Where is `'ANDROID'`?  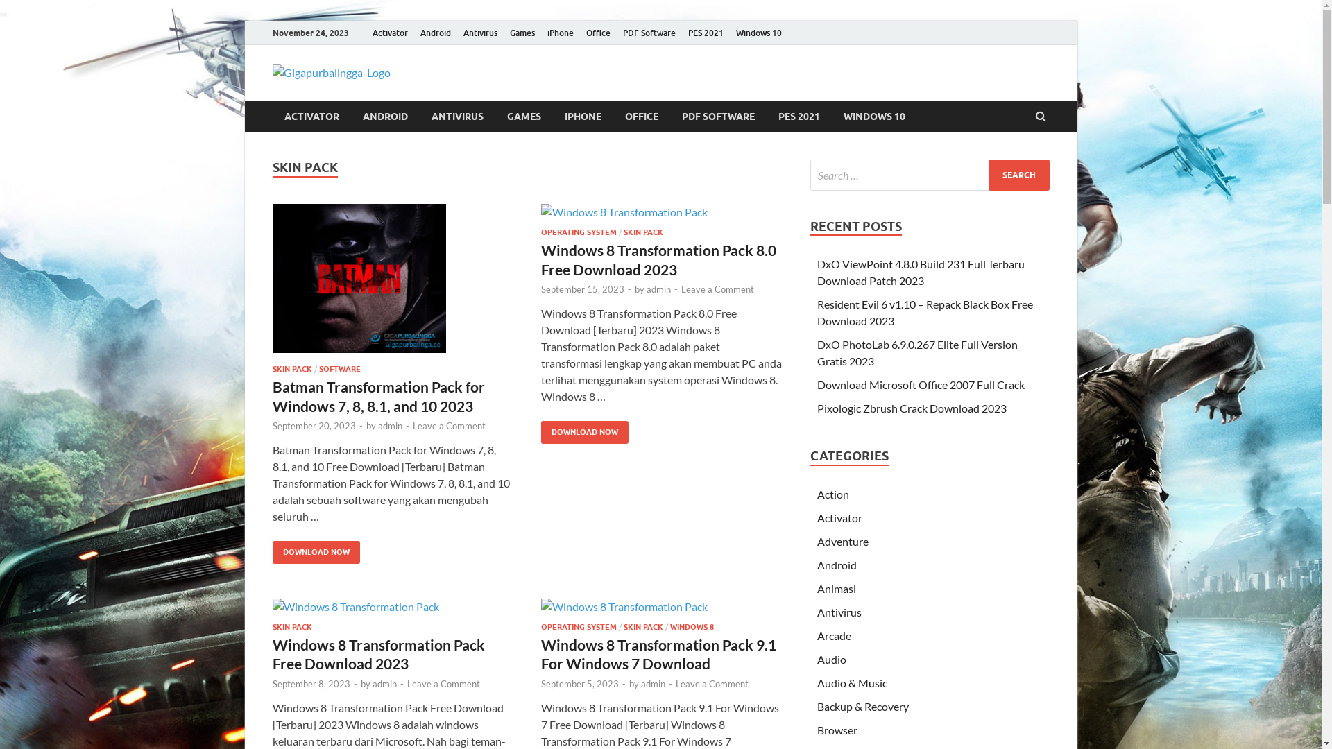
'ANDROID' is located at coordinates (385, 115).